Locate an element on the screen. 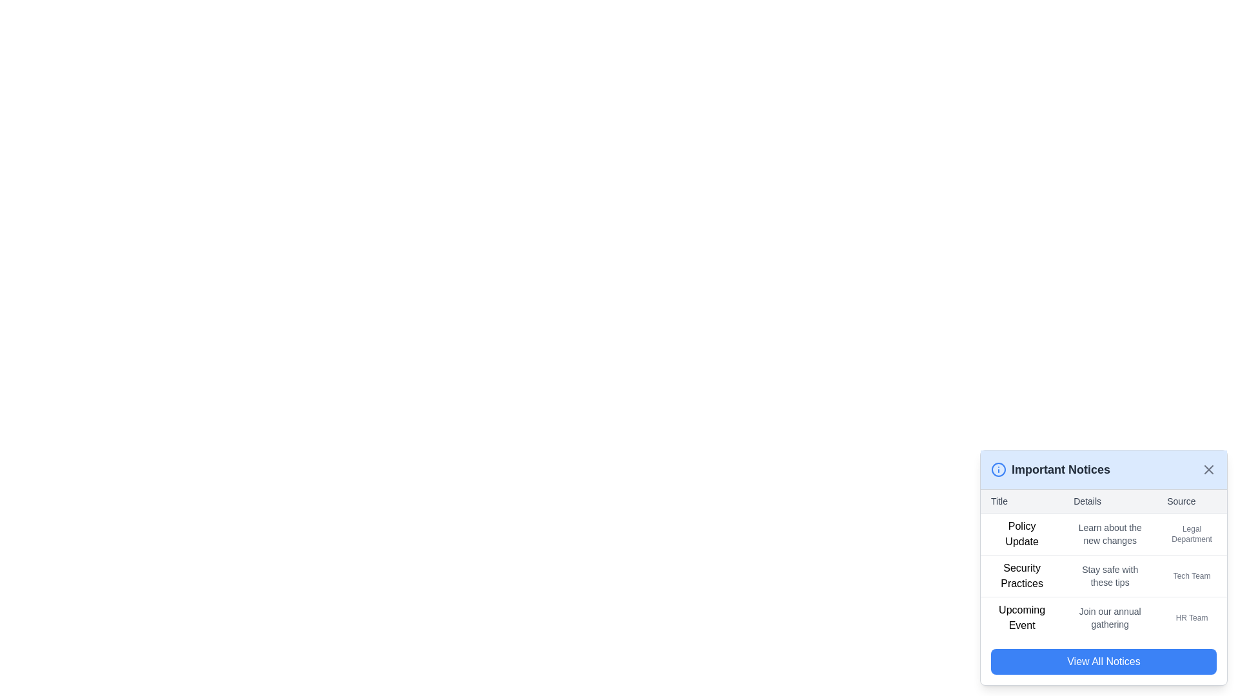 The width and height of the screenshot is (1238, 696). the Text Label that indicates the source attribution for the 'Security Practices' table row, specifically identifying the 'Tech Team' as the source is located at coordinates (1191, 575).